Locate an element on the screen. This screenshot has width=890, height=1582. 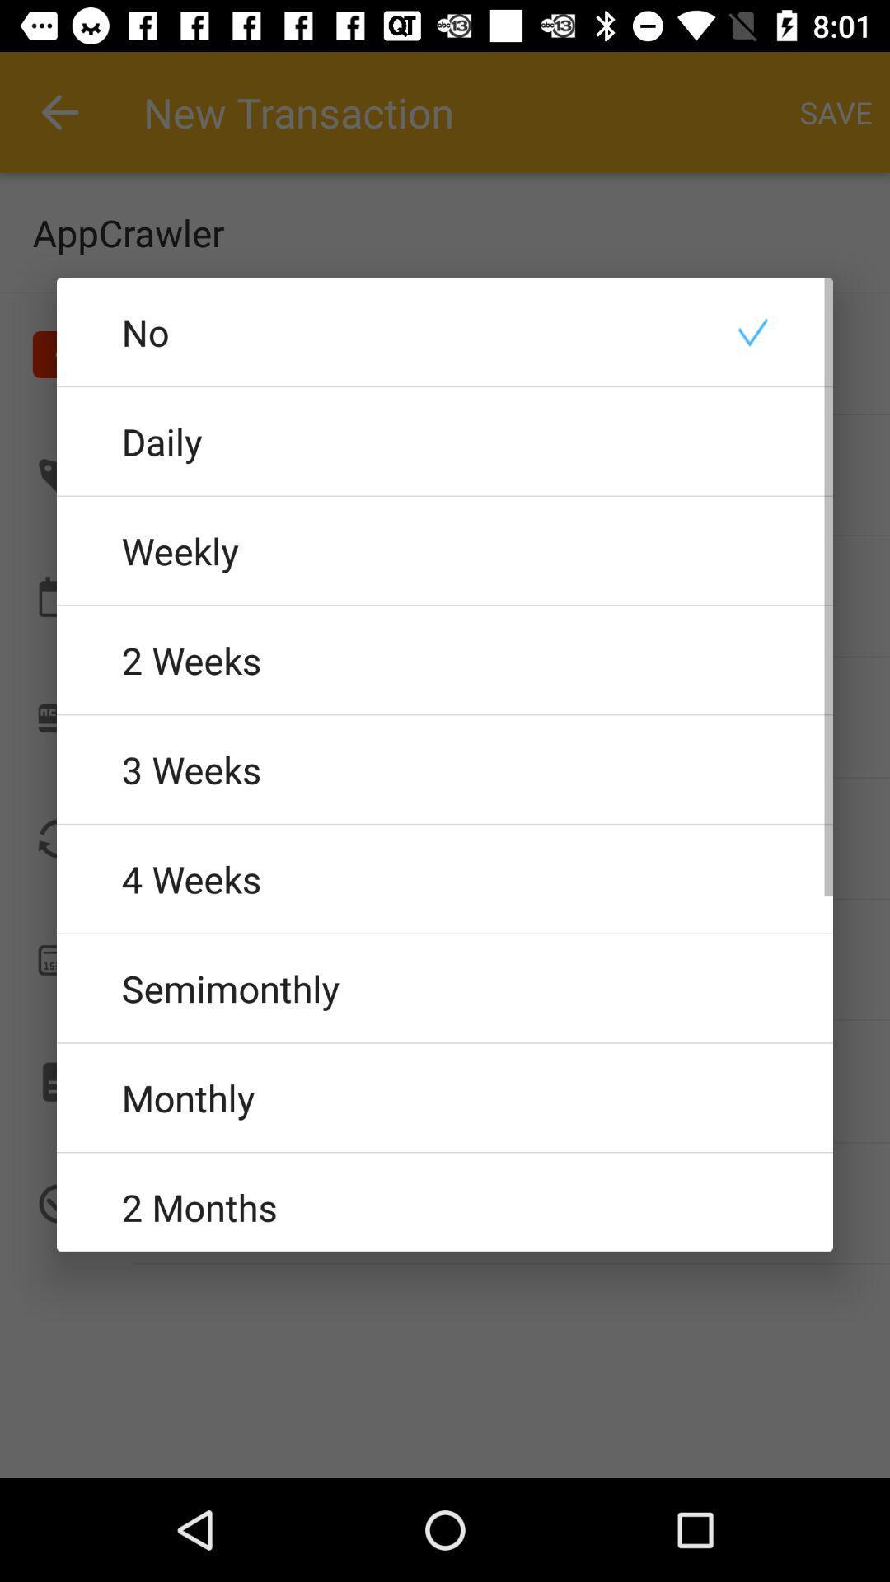
no is located at coordinates (445, 331).